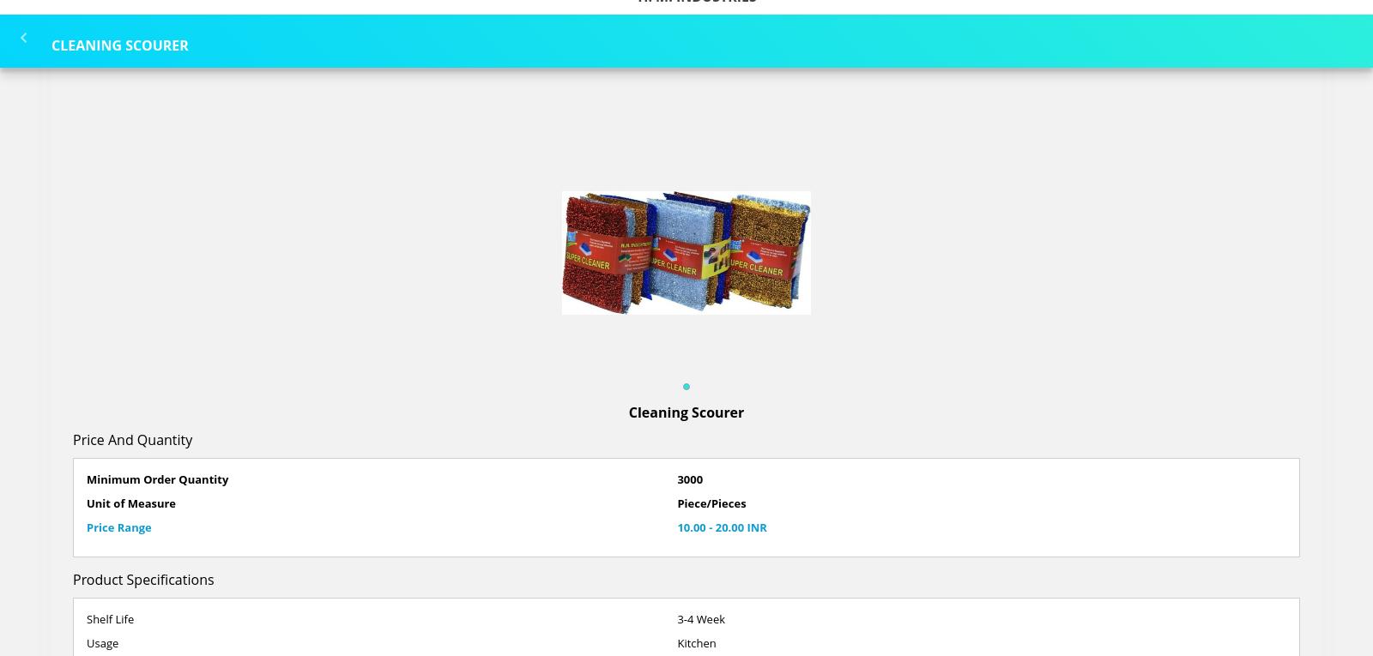 The width and height of the screenshot is (1373, 656). I want to click on 'Kitchen', so click(695, 643).